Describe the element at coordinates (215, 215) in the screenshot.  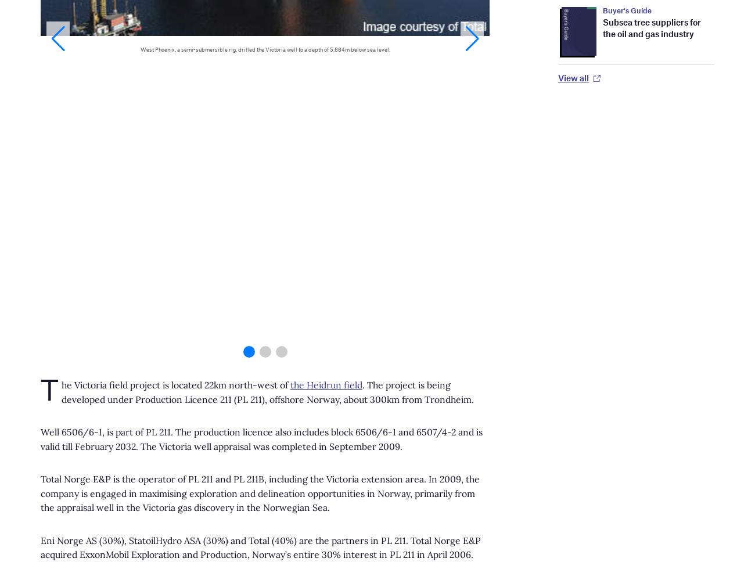
I see `'Privacy Policy'` at that location.